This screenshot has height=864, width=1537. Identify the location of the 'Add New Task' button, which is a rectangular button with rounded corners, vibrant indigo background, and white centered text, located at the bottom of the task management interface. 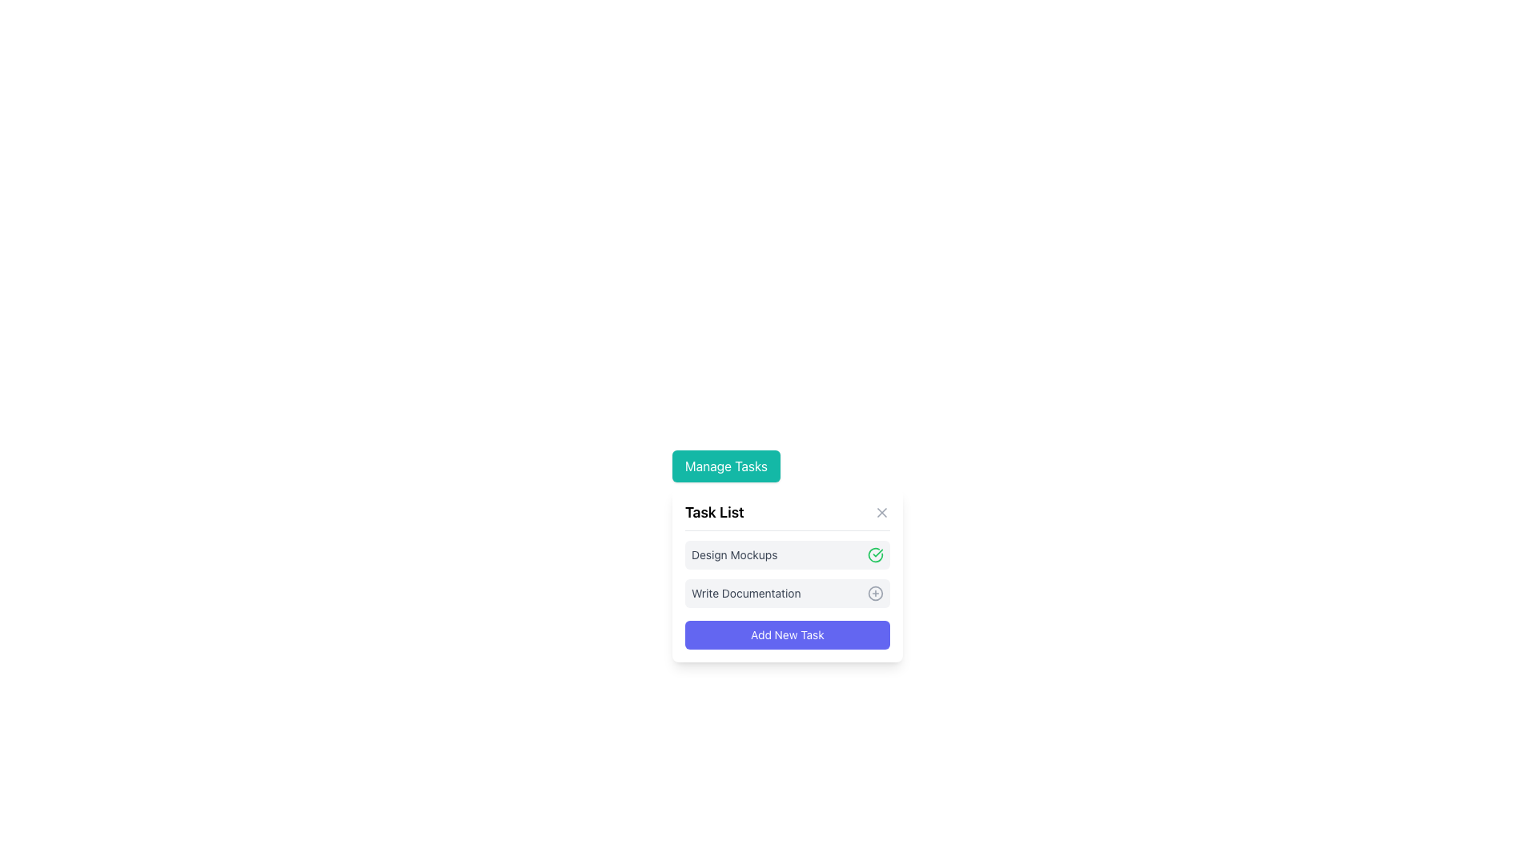
(787, 634).